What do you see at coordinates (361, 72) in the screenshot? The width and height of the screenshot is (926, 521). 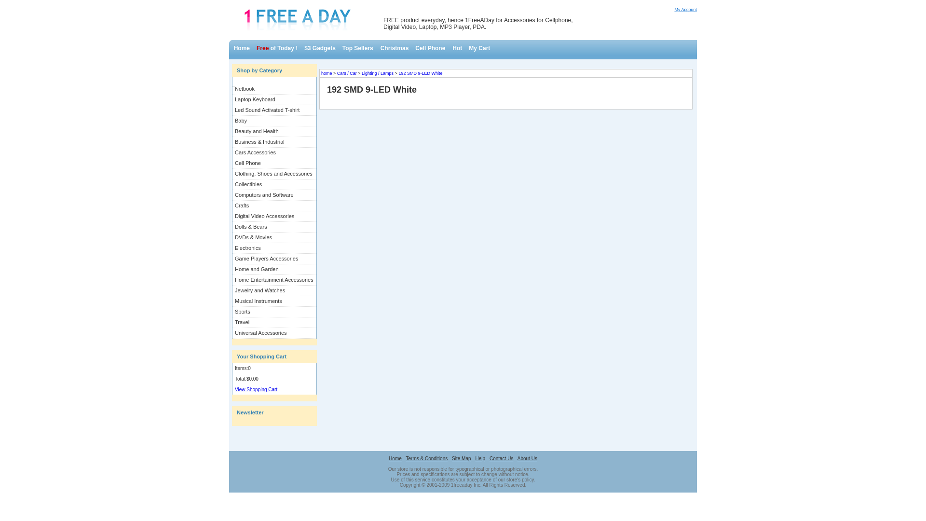 I see `'Lighting / Lamps'` at bounding box center [361, 72].